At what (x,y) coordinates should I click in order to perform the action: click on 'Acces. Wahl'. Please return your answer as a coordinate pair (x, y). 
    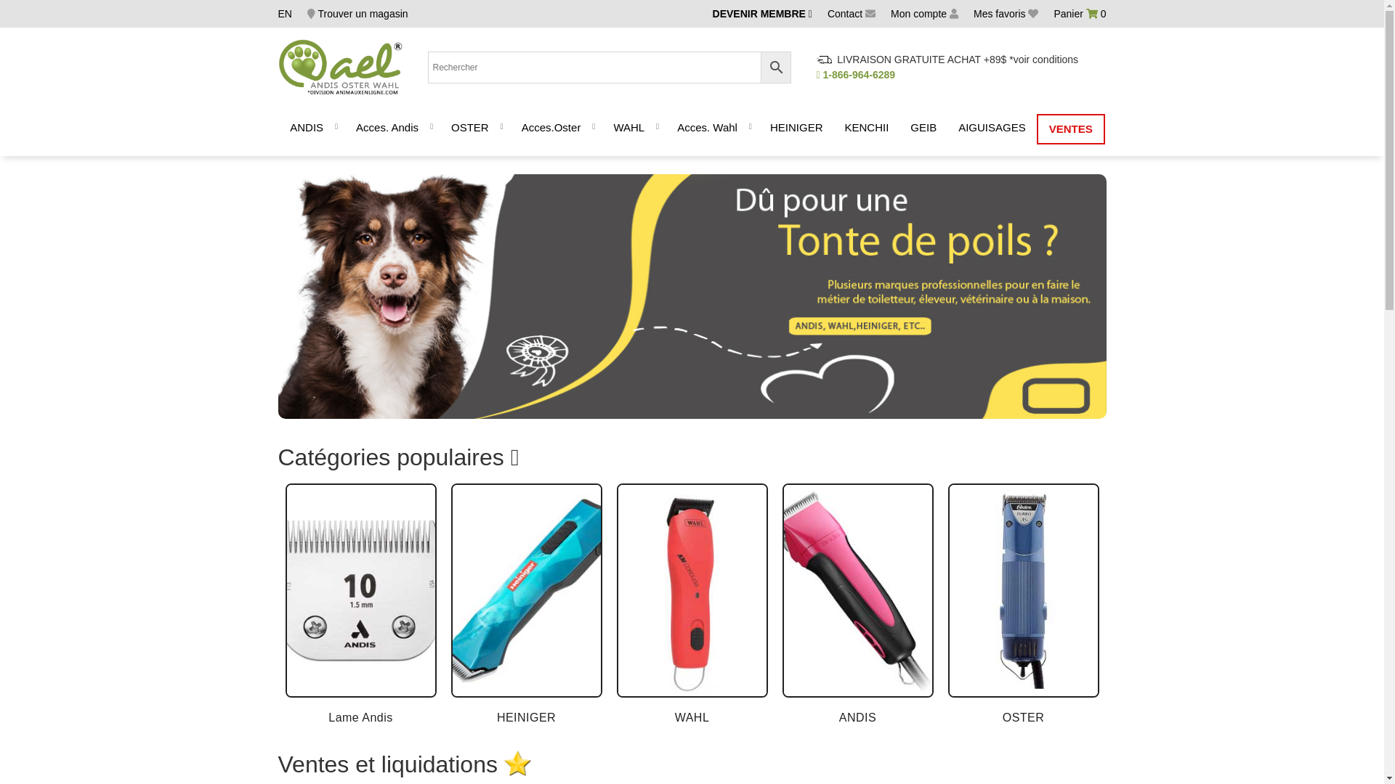
    Looking at the image, I should click on (707, 128).